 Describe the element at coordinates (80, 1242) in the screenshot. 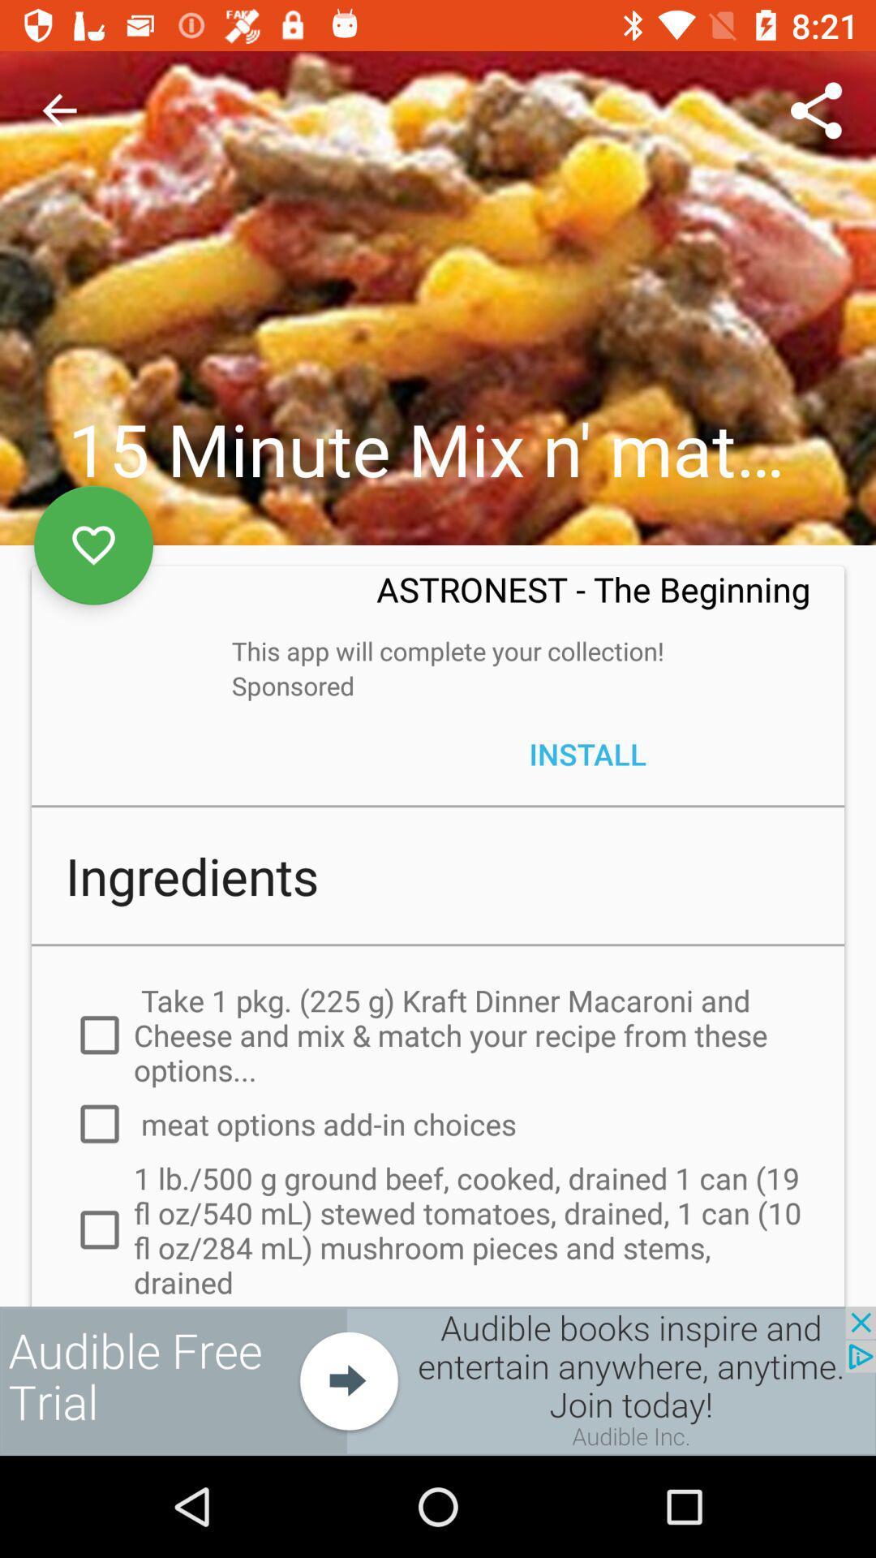

I see `the third check box` at that location.